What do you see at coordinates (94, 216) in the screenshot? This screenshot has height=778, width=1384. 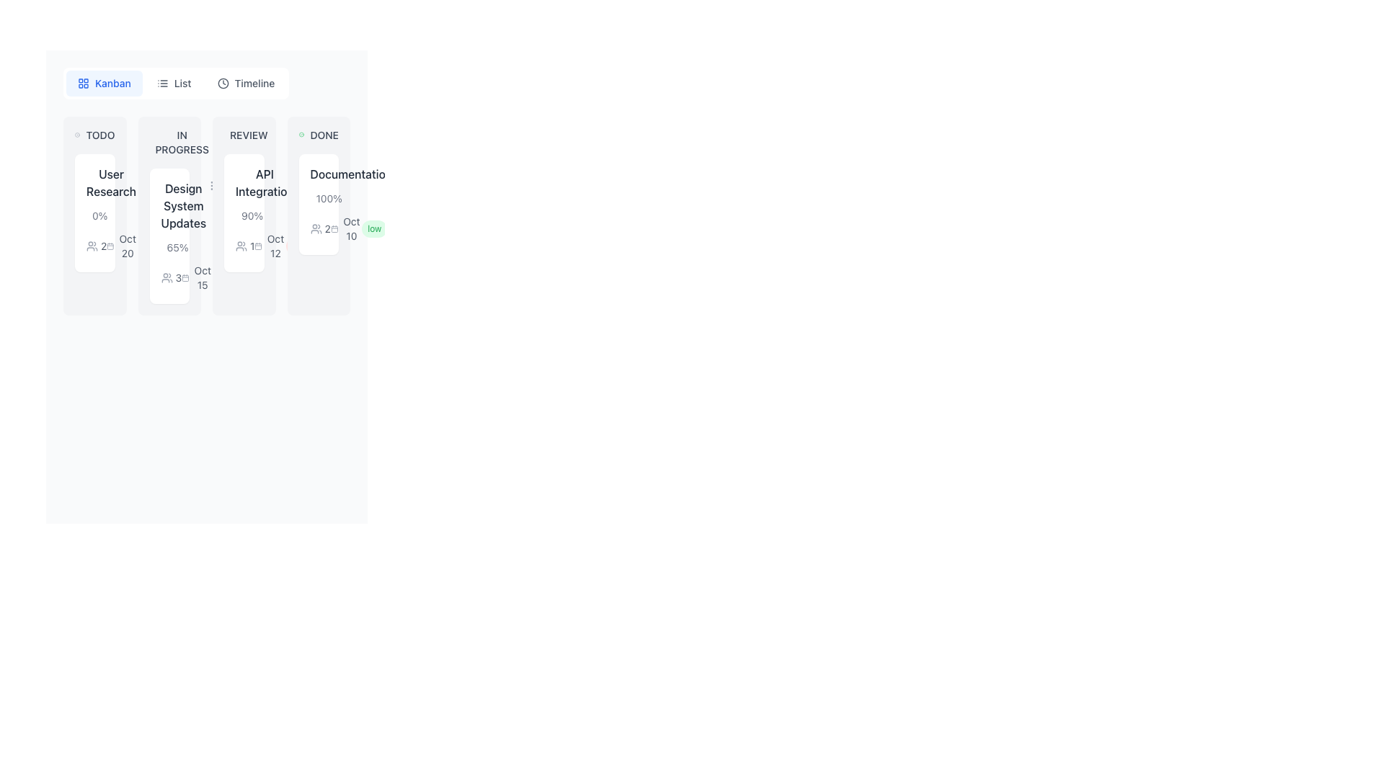 I see `the first task card in the Kanban board under the 'TODO' column, which has a light gray background and contains hierarchical text, icons, and progress information` at bounding box center [94, 216].